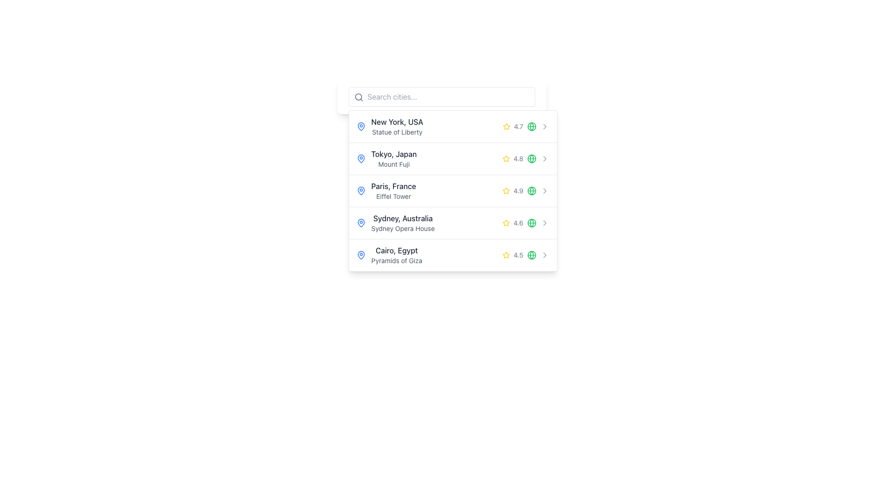 This screenshot has height=503, width=895. What do you see at coordinates (393, 186) in the screenshot?
I see `the text label identifying the location 'Paris, France' in the dropdown list, which is positioned on the third row and is adjacent to a location icon` at bounding box center [393, 186].